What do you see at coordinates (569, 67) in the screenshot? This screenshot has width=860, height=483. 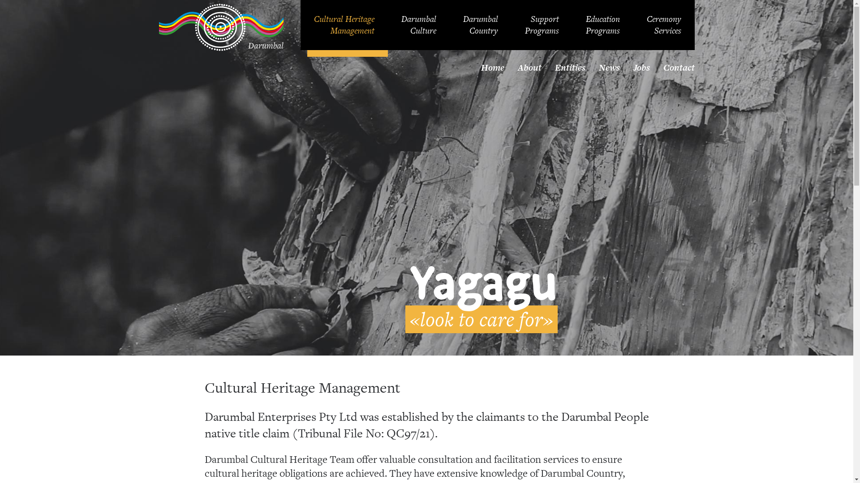 I see `'Entities'` at bounding box center [569, 67].